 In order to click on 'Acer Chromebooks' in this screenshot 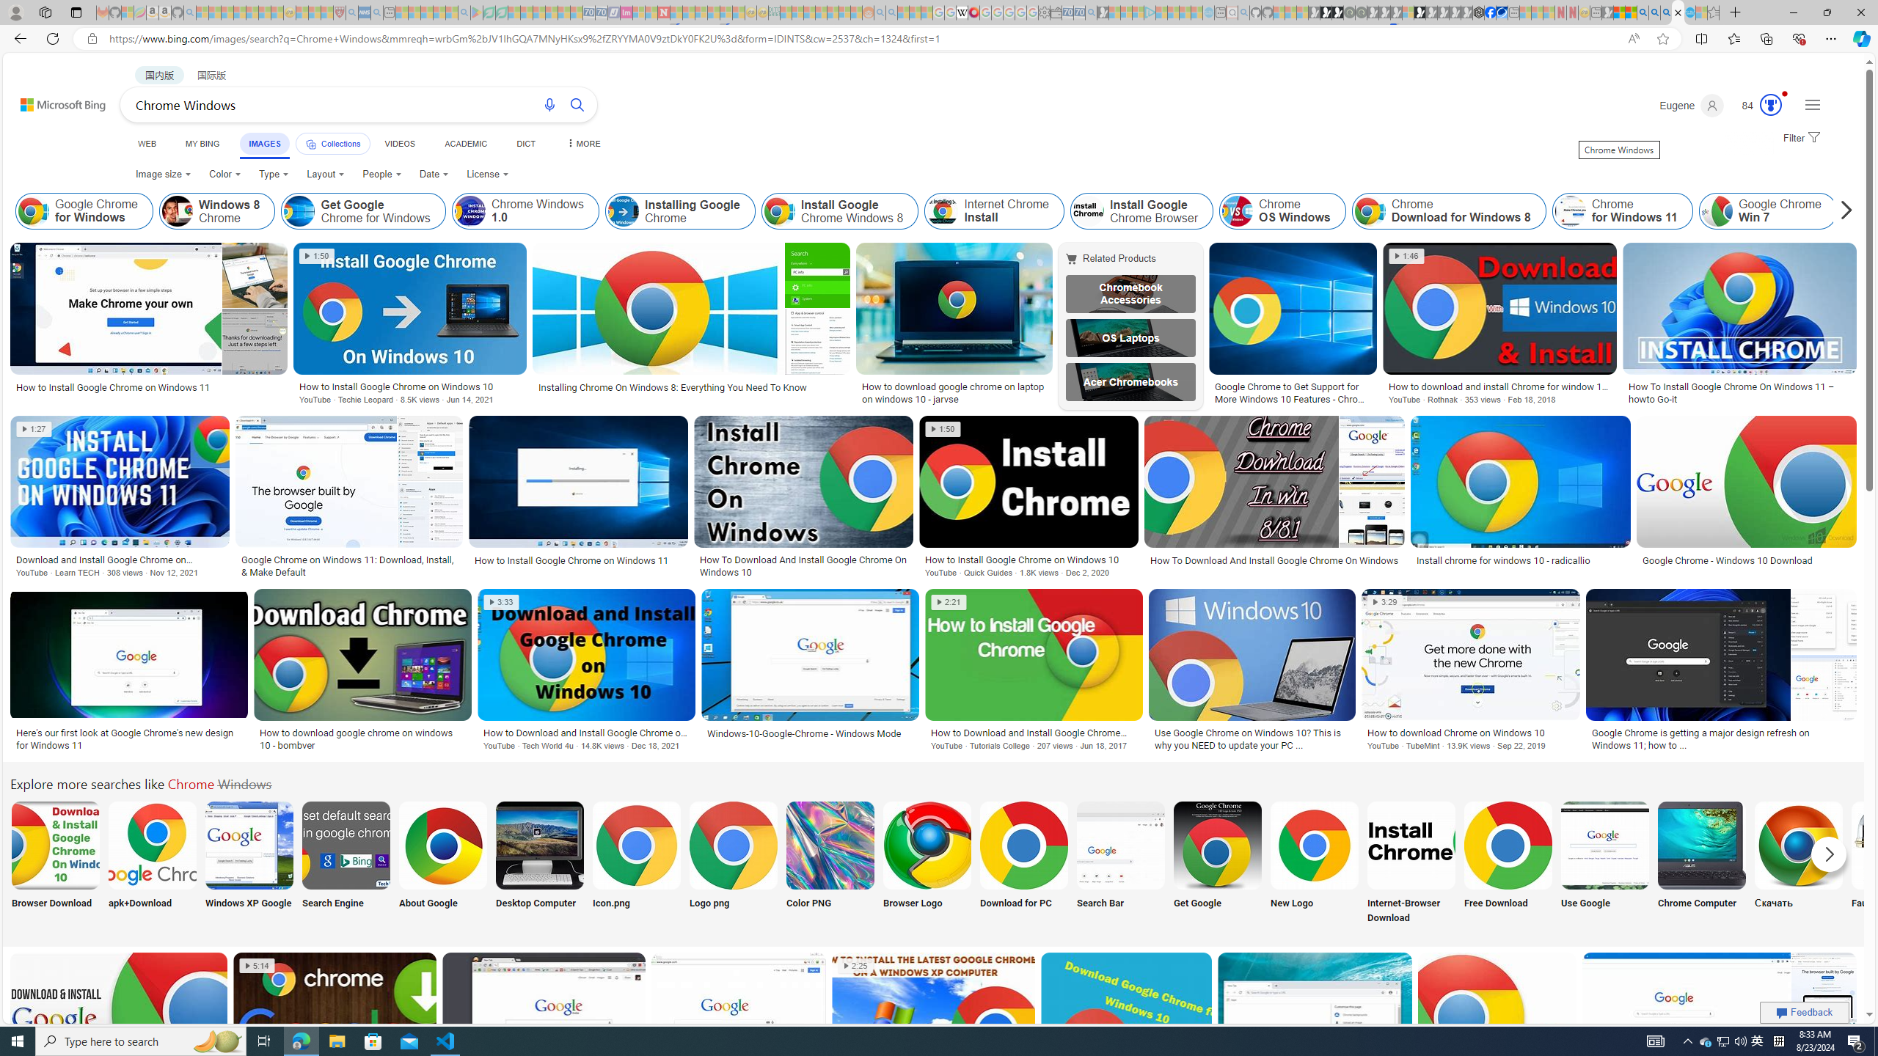, I will do `click(1130, 381)`.